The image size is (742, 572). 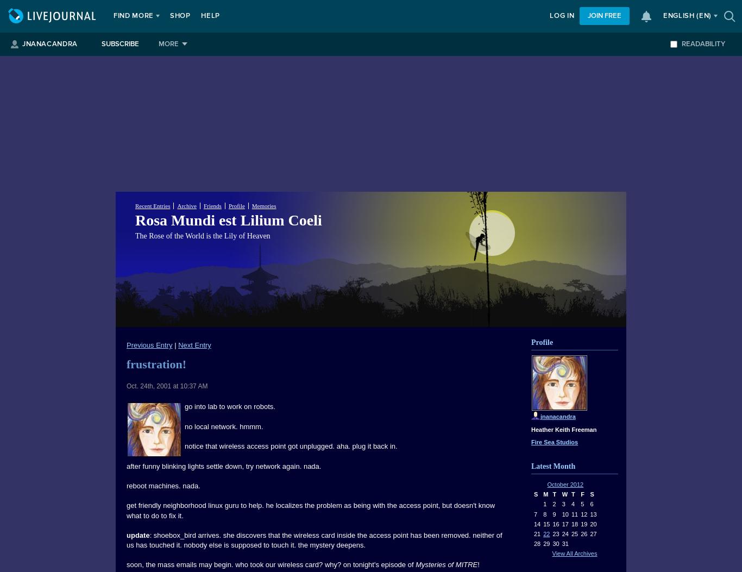 What do you see at coordinates (574, 524) in the screenshot?
I see `'18'` at bounding box center [574, 524].